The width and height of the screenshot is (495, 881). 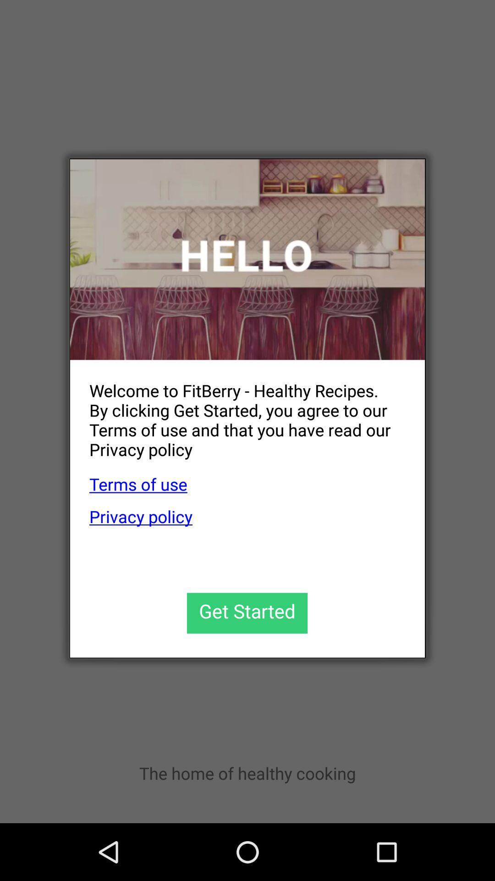 I want to click on item below the privacy policy item, so click(x=247, y=613).